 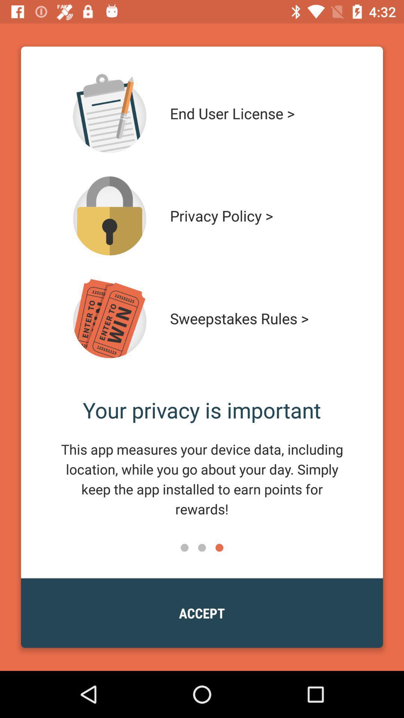 What do you see at coordinates (253, 215) in the screenshot?
I see `the icon below the end user license > icon` at bounding box center [253, 215].